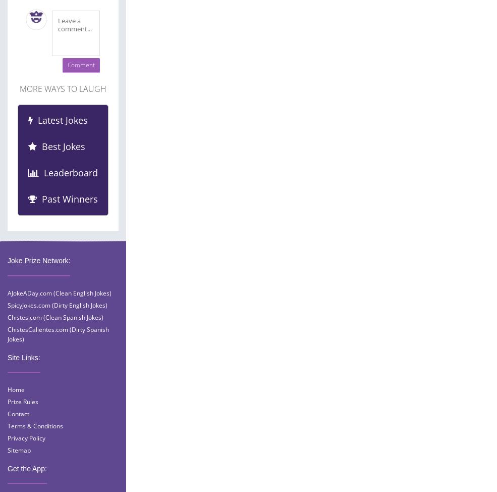 The width and height of the screenshot is (497, 492). I want to click on 'Past Winners', so click(36, 199).